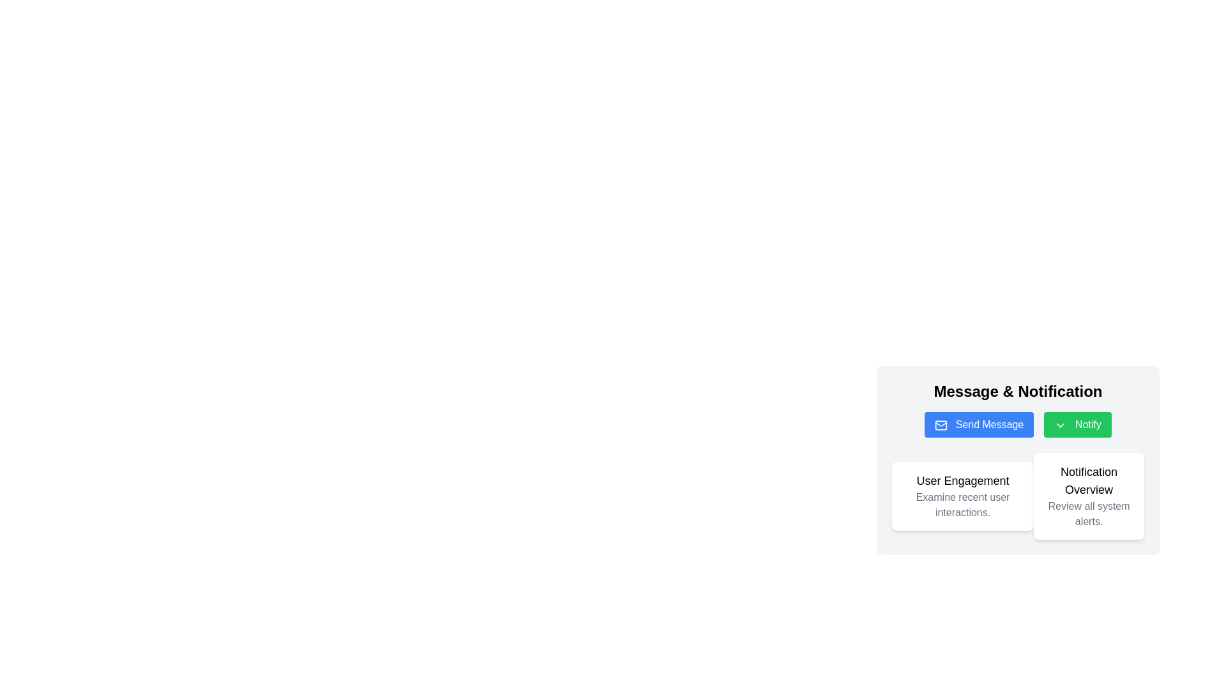 The height and width of the screenshot is (689, 1226). I want to click on the envelope-shaped icon located to the left of the 'Send Message' button, which serves as a visual cue for sending a message, so click(941, 425).